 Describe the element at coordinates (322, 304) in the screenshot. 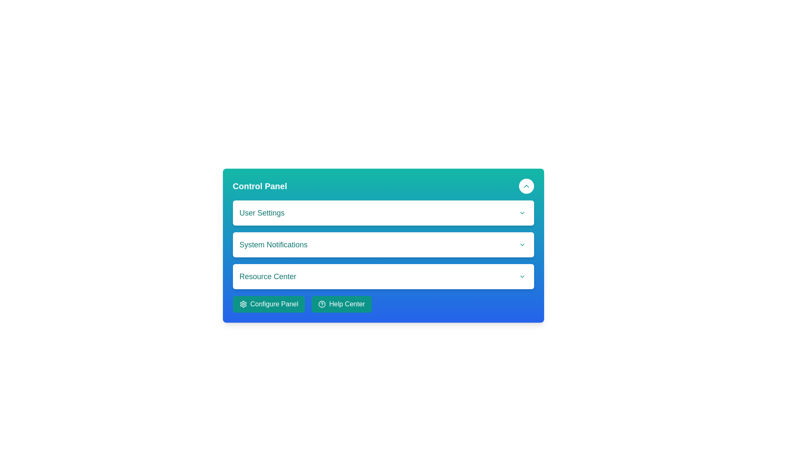

I see `the help icon (question mark inside a circle) located to the left of the 'Help Center' text` at that location.